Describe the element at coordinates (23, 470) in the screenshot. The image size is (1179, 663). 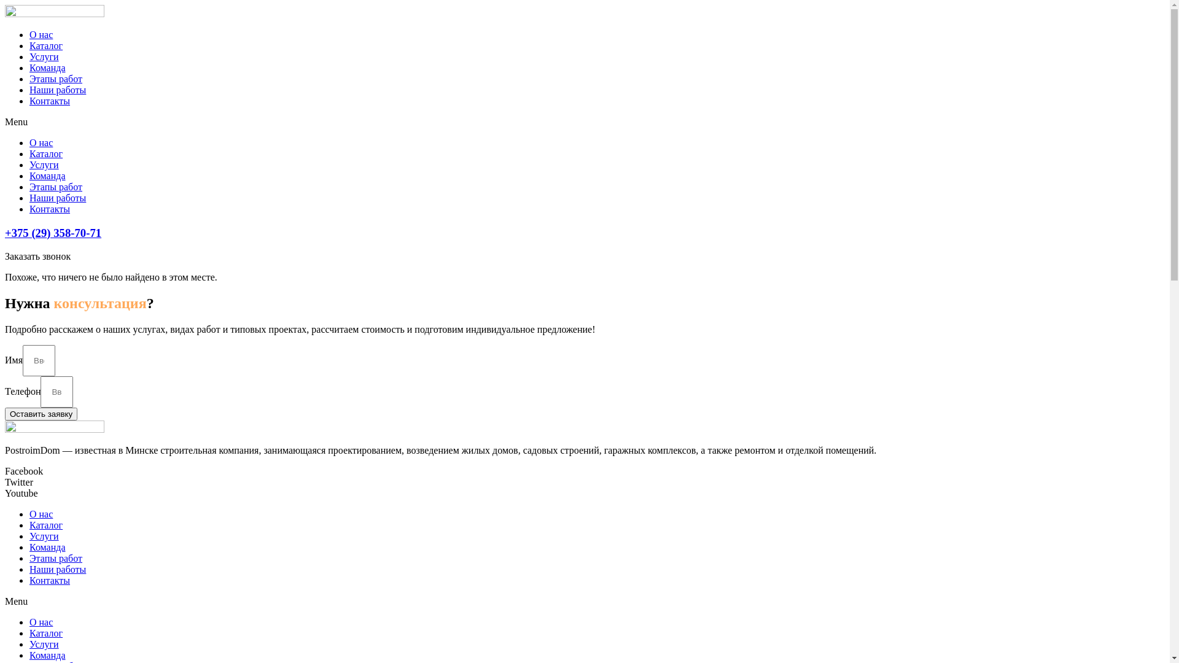
I see `'Facebook'` at that location.